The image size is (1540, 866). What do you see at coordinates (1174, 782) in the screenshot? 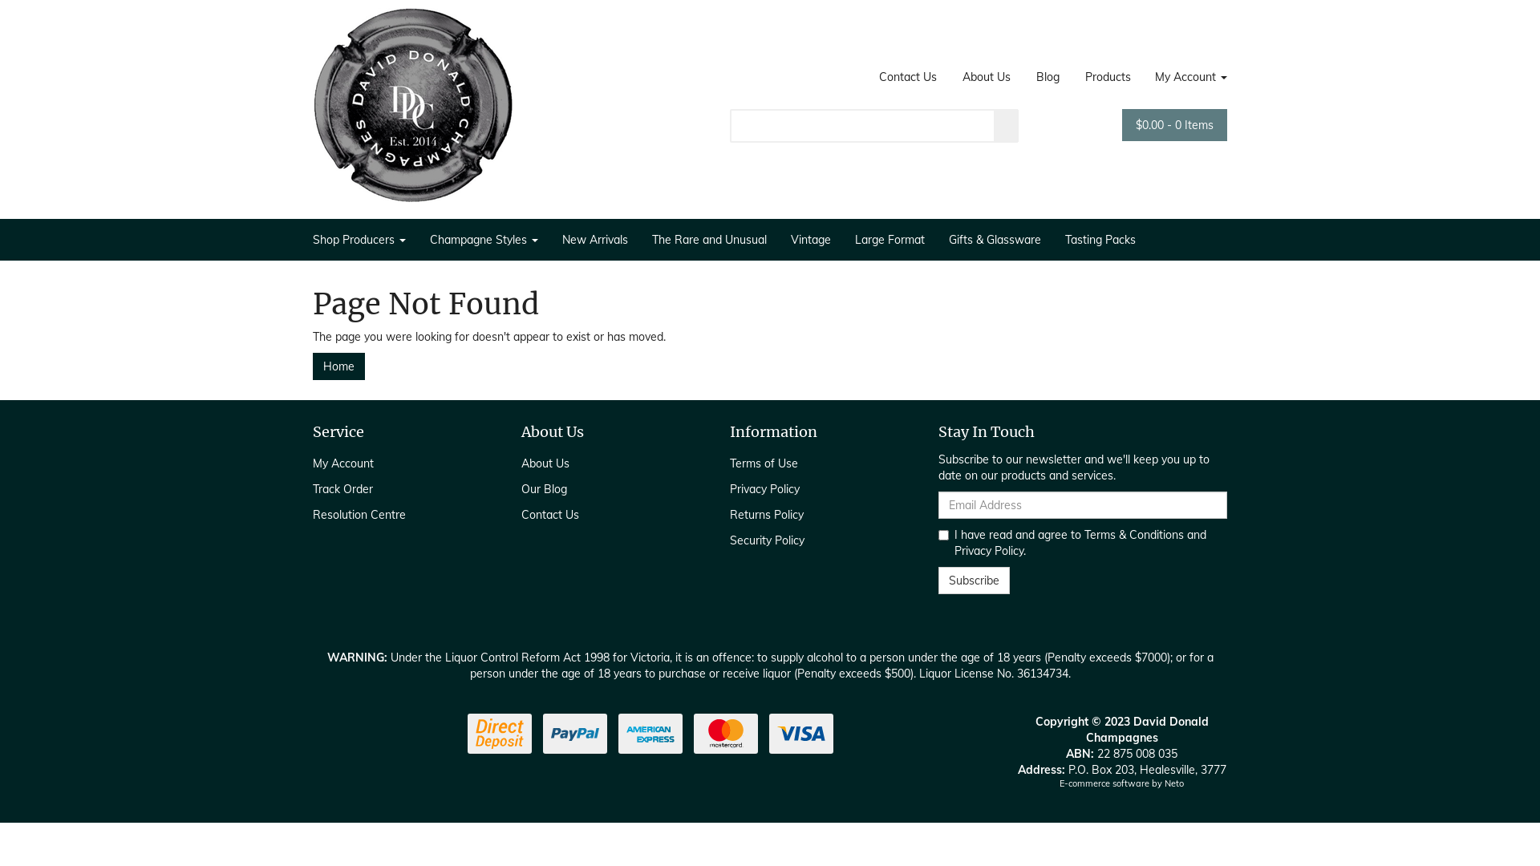
I see `'Neto'` at bounding box center [1174, 782].